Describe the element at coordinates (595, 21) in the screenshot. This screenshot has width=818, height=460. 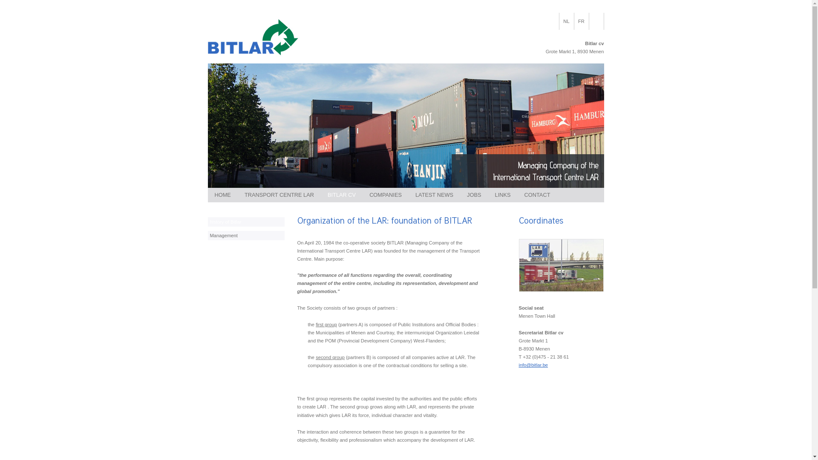
I see `'EN'` at that location.